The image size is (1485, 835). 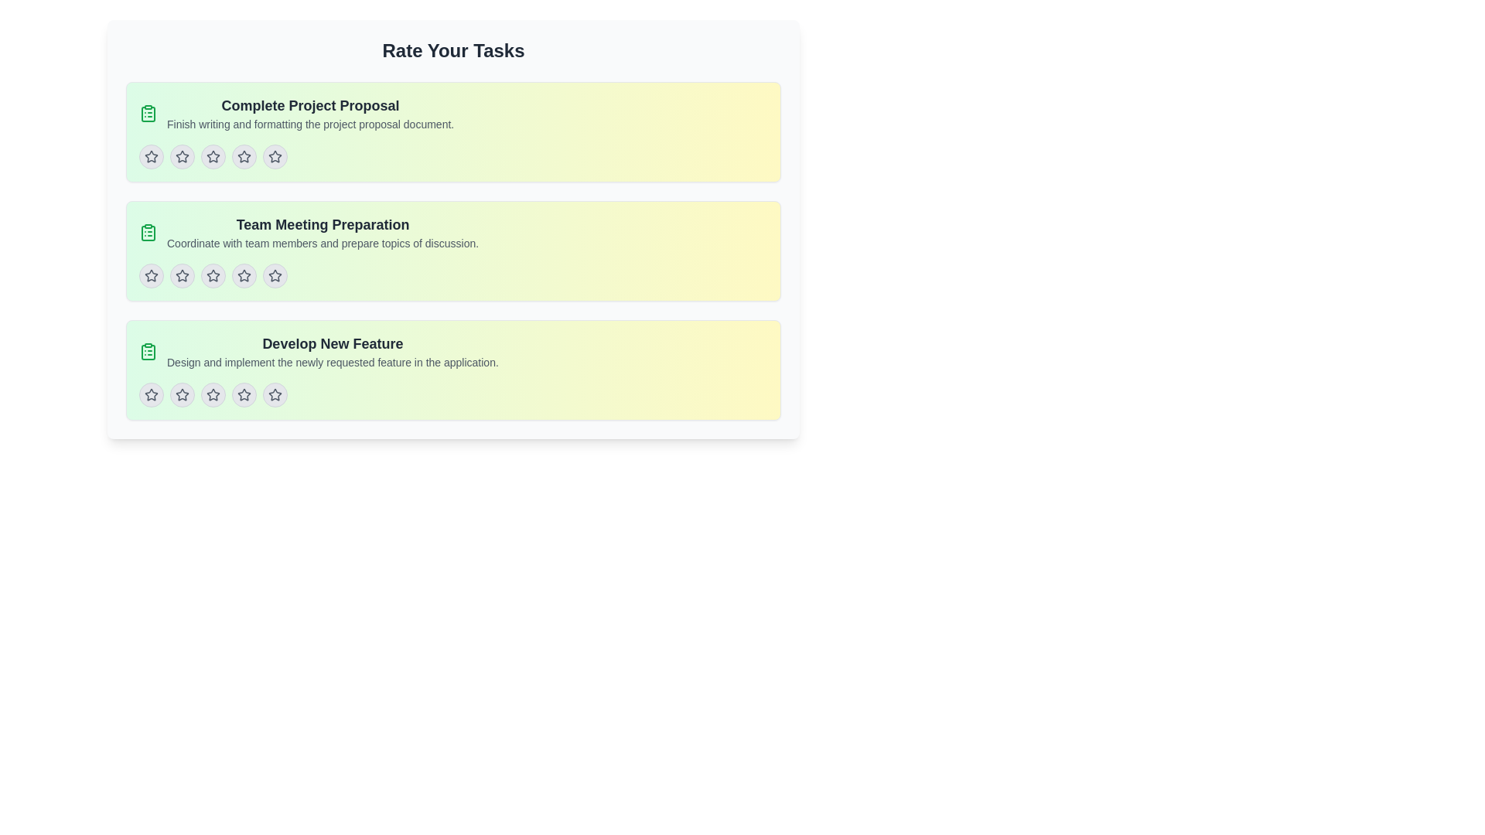 I want to click on the second star icon in the 'Team Meeting Preparation' section, so click(x=212, y=274).